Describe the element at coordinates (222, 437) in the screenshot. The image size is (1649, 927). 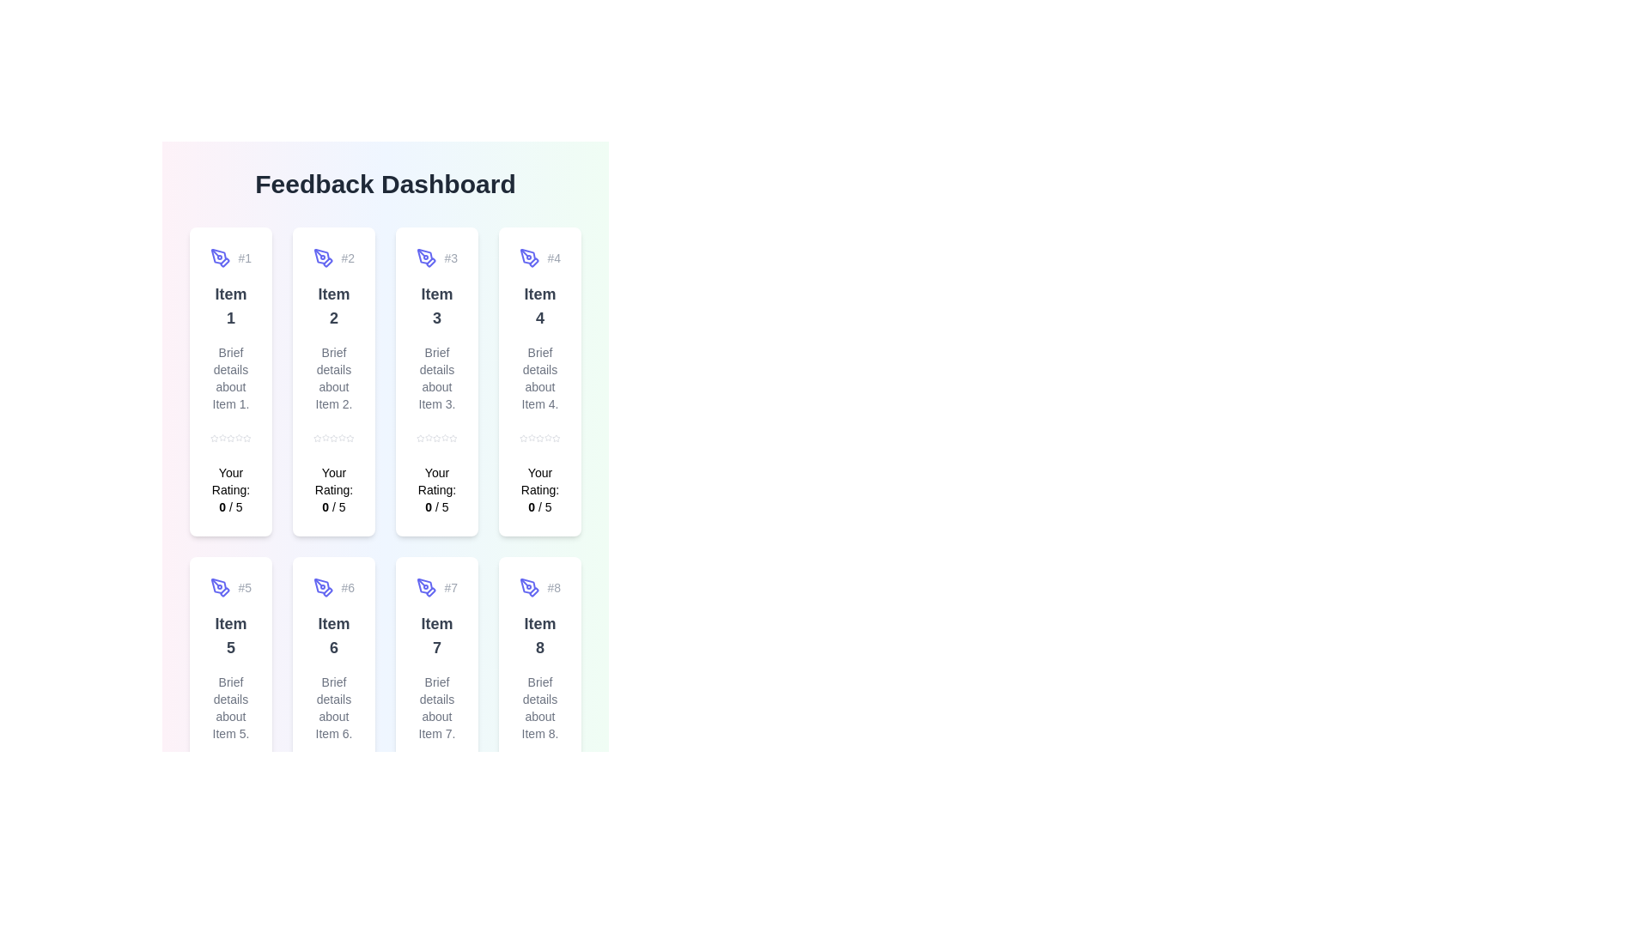
I see `the rating of an item to 2 stars by clicking on the corresponding star` at that location.